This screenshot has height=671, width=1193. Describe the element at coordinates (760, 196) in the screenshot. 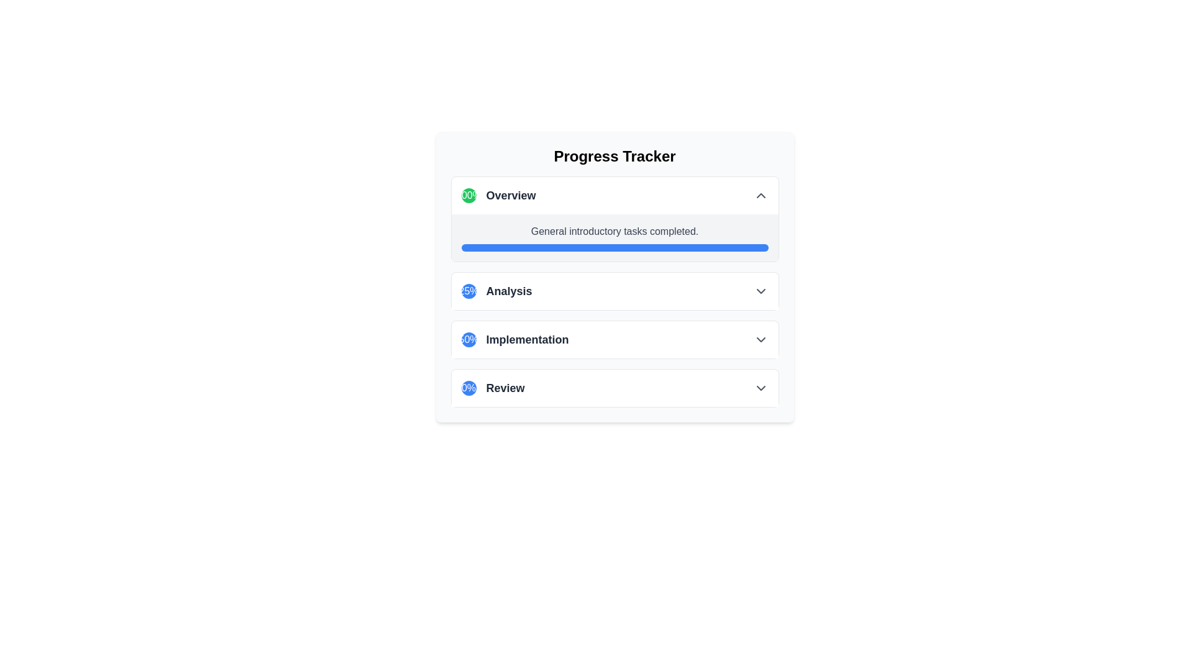

I see `the icon button used to toggle the visibility of the 'Overview' section in the 'Progress Tracker' for keyboard navigation` at that location.